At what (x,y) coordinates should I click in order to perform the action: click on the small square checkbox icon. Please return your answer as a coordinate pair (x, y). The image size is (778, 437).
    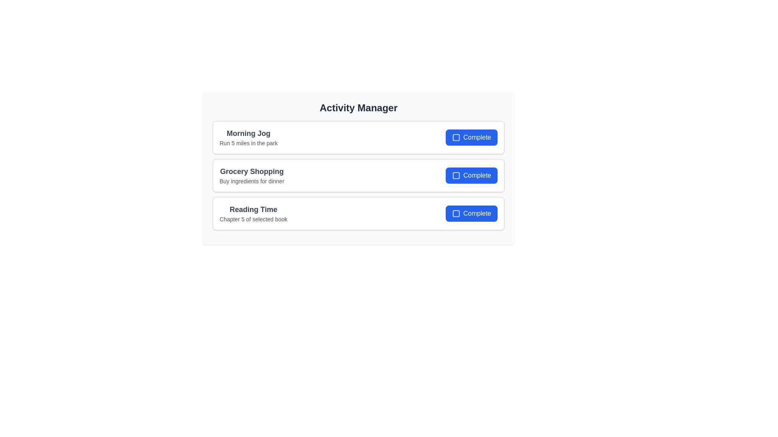
    Looking at the image, I should click on (456, 137).